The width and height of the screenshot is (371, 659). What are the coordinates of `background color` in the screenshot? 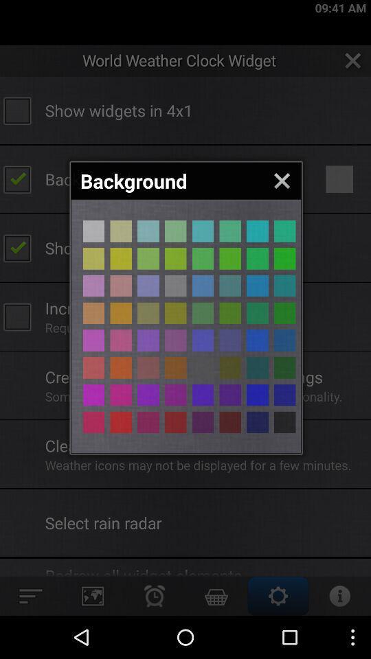 It's located at (148, 257).